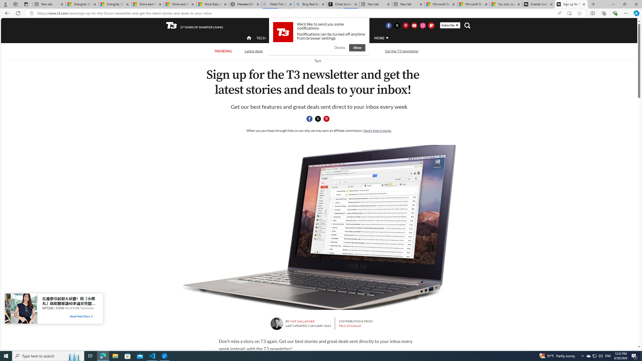 The image size is (642, 361). Describe the element at coordinates (318, 119) in the screenshot. I see `'Share this page on Twitter'` at that location.